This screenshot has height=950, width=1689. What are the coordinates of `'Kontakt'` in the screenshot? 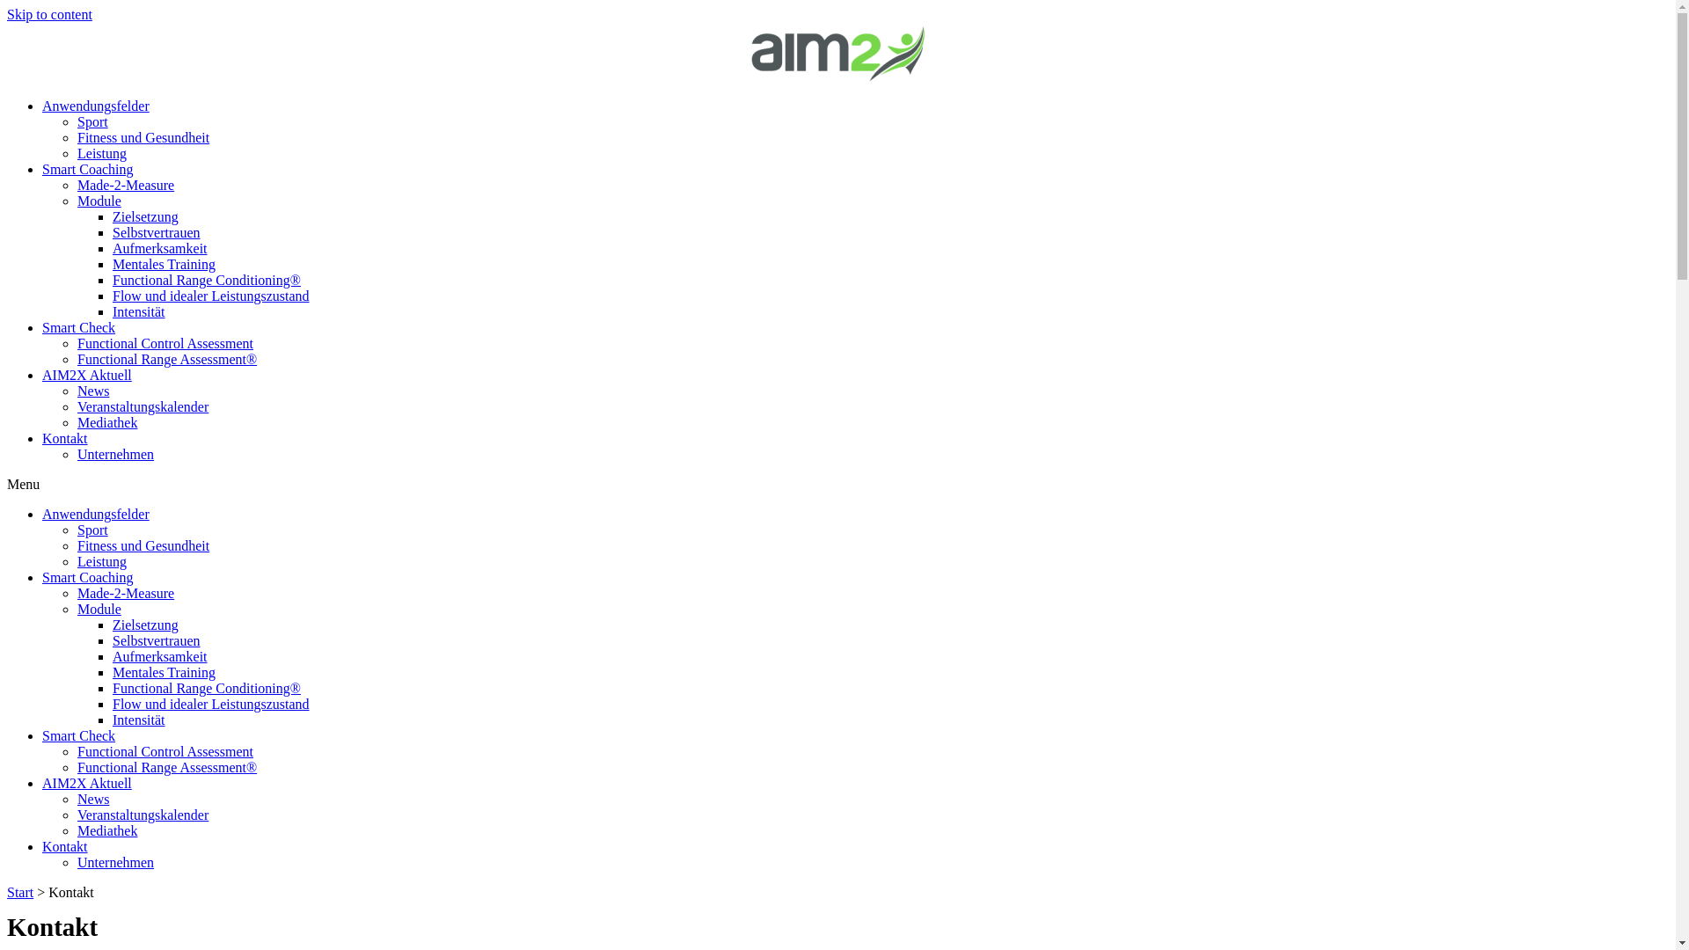 It's located at (64, 845).